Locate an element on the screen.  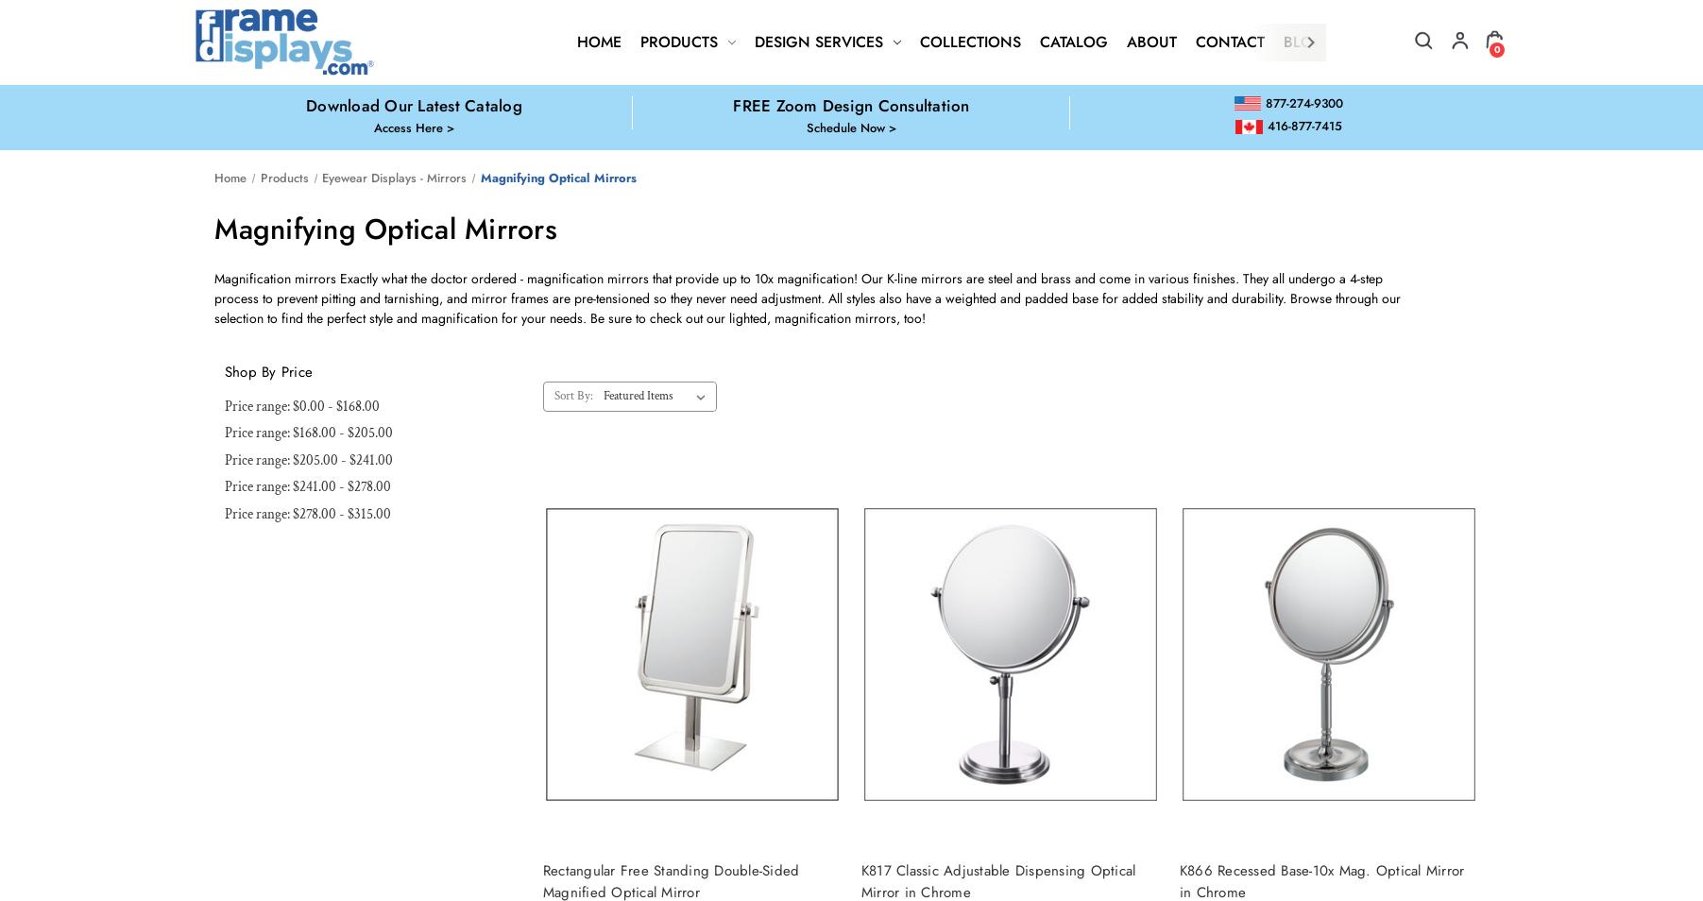
'FREE Zoom Design Consultation' is located at coordinates (849, 104).